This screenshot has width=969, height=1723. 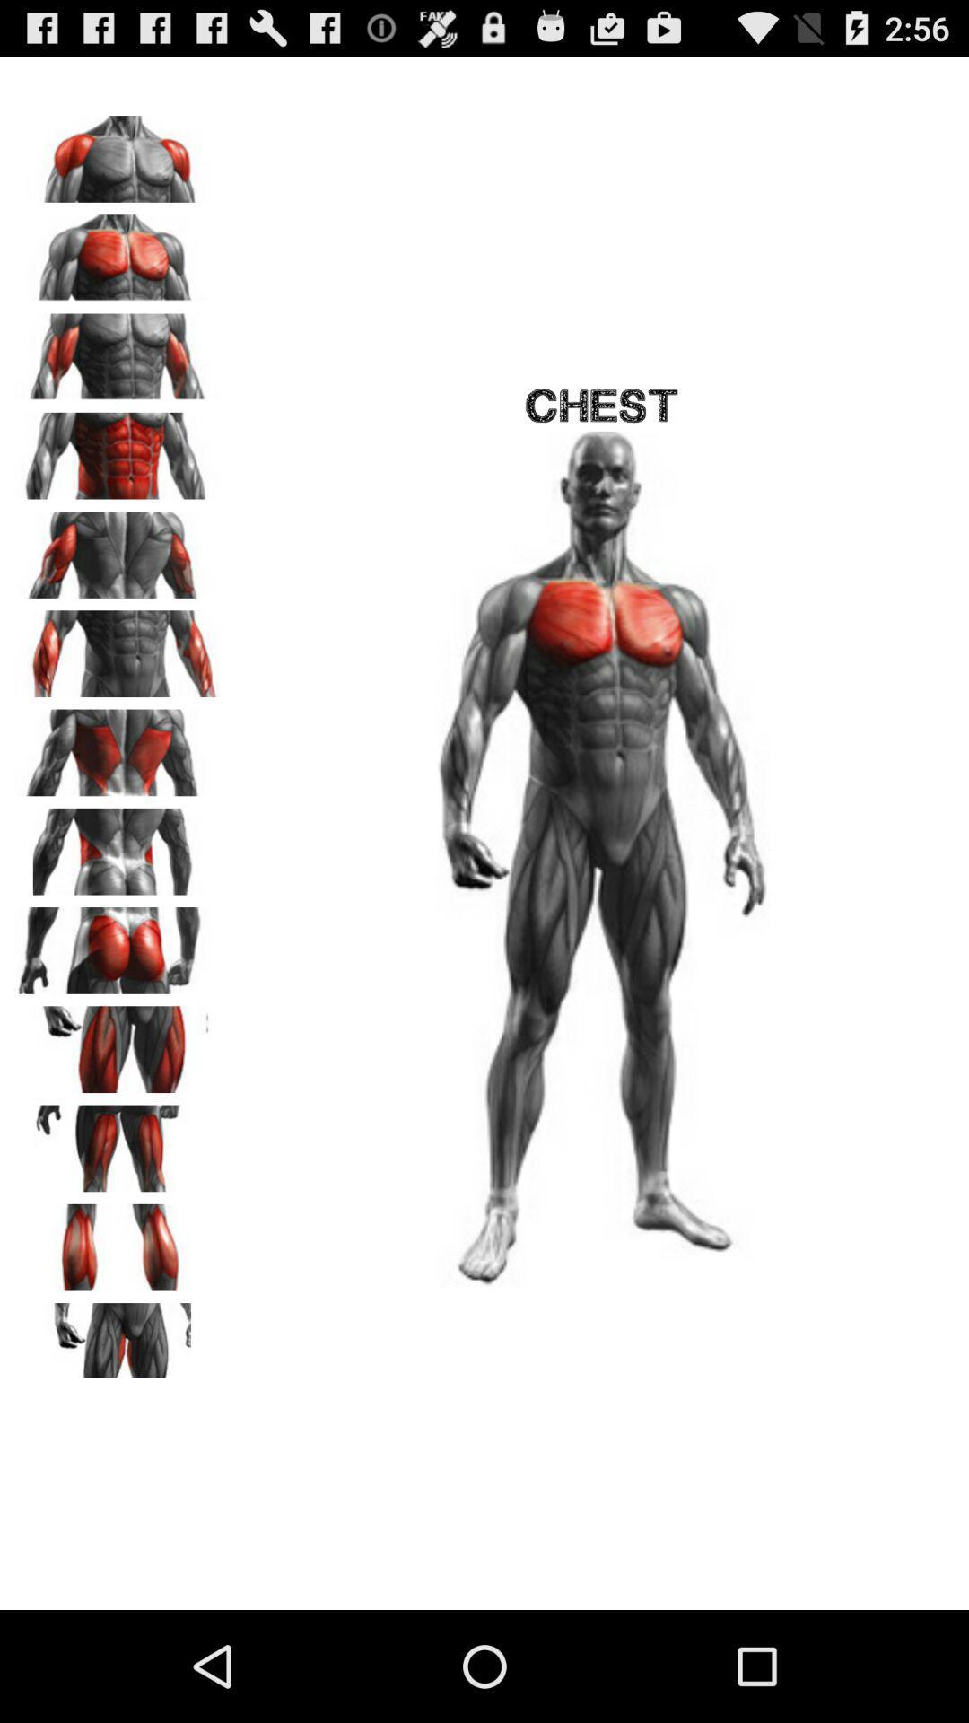 I want to click on chose back view, so click(x=118, y=844).